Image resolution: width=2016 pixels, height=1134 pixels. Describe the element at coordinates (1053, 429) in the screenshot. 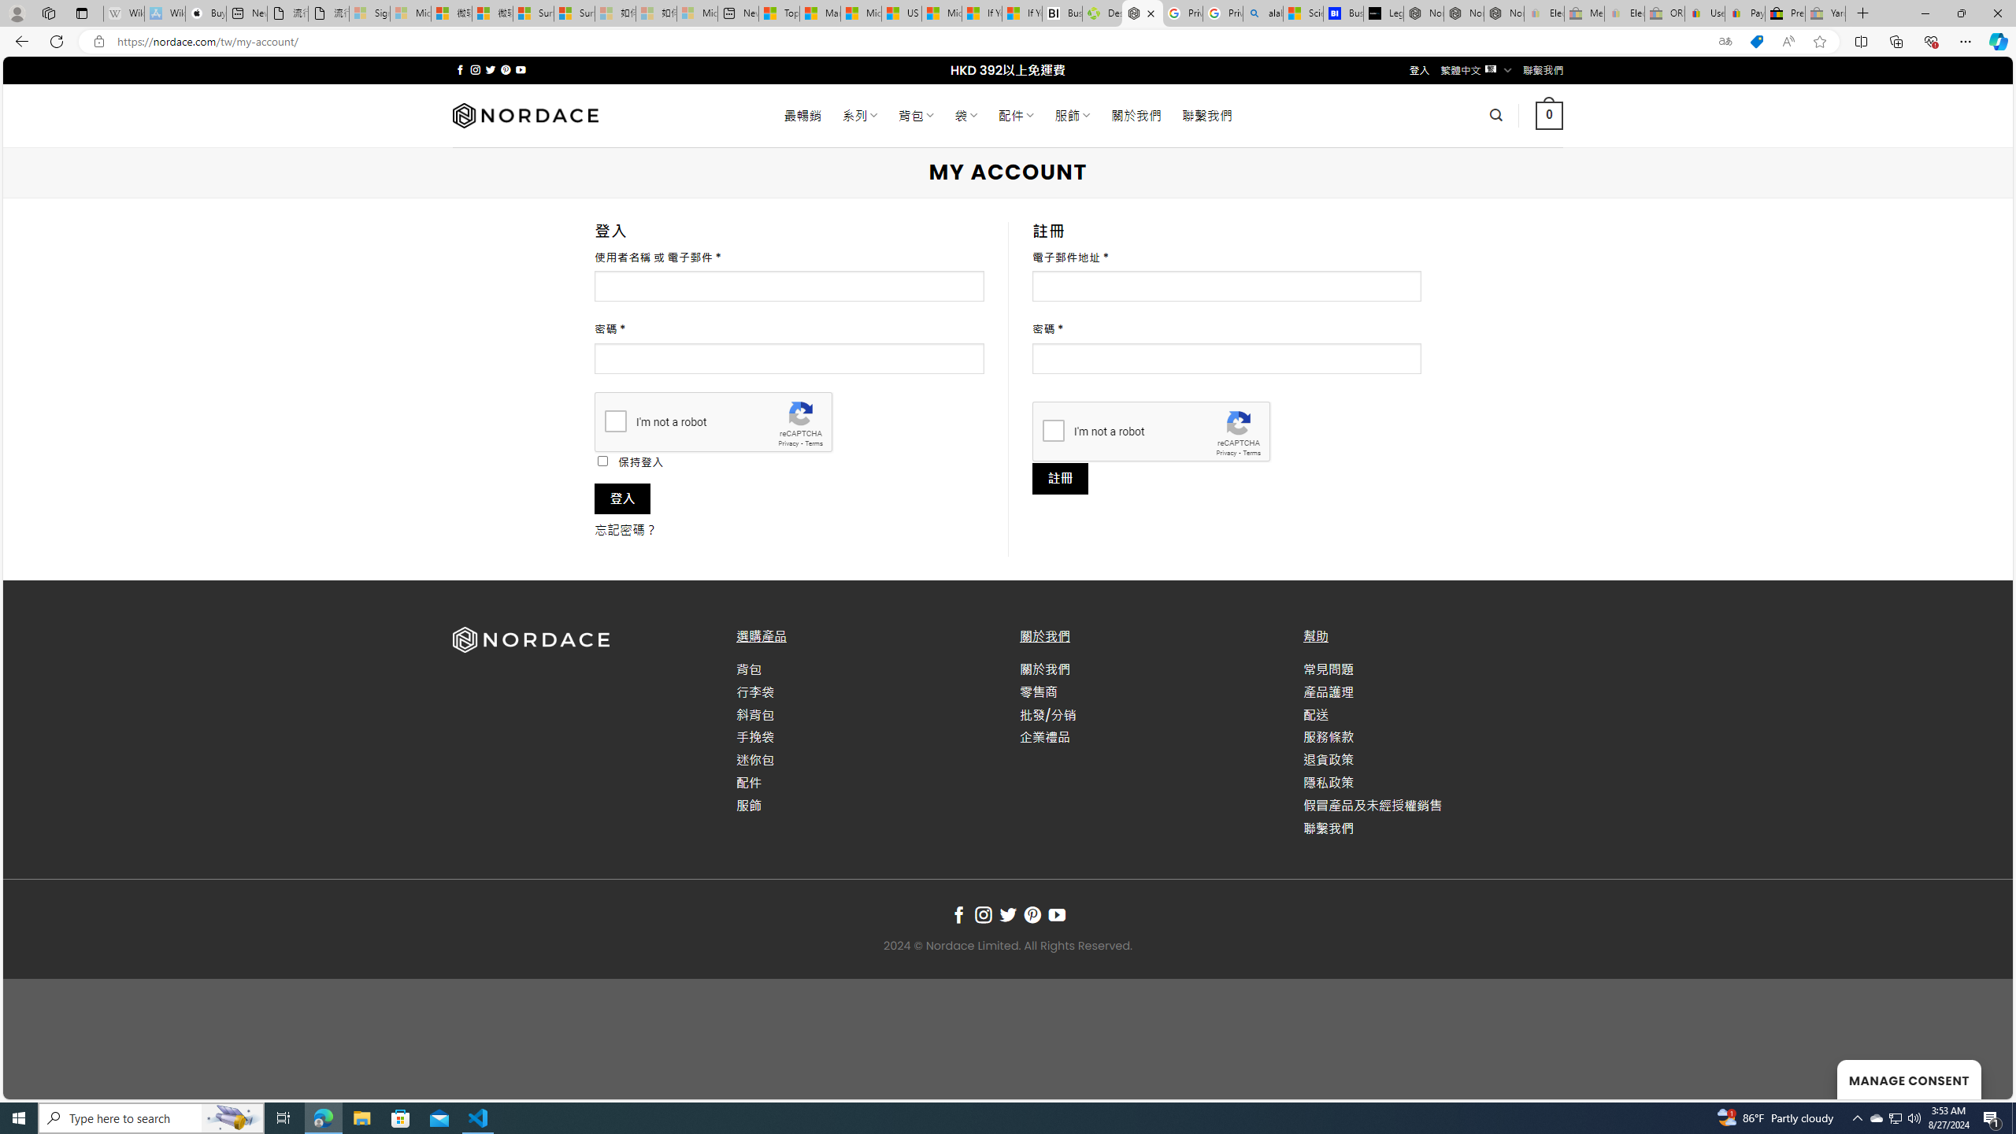

I see `'I'` at that location.